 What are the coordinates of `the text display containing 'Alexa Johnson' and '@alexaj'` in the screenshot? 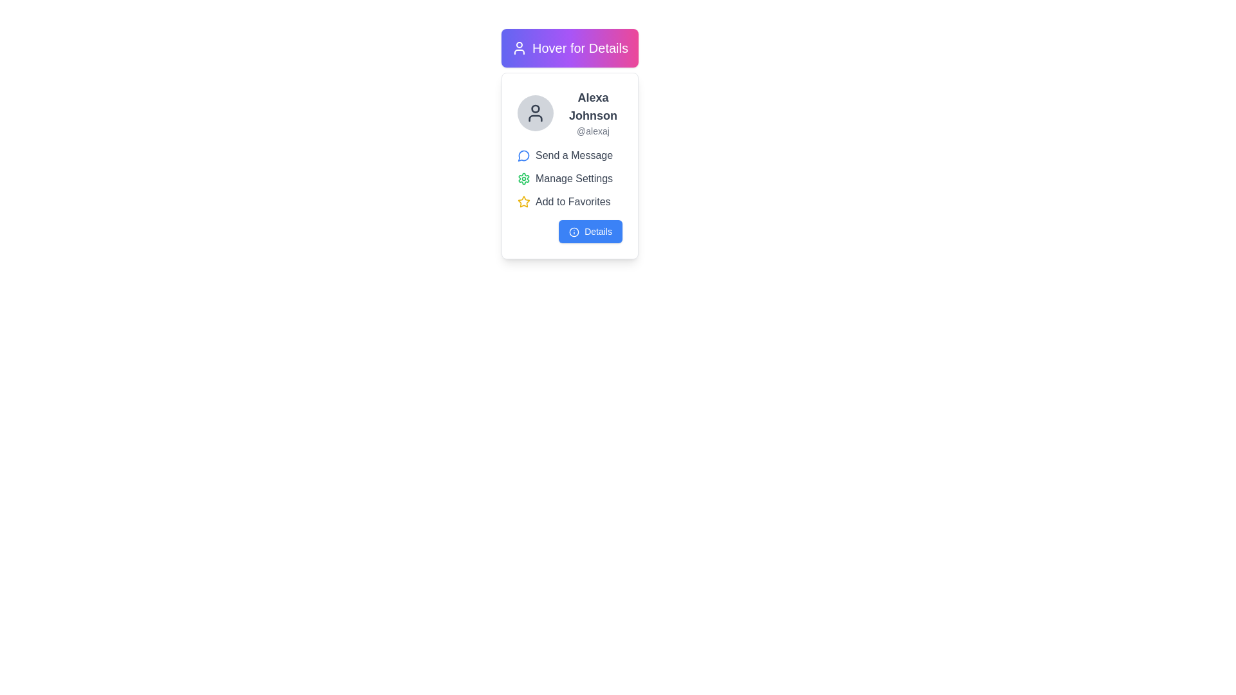 It's located at (592, 113).